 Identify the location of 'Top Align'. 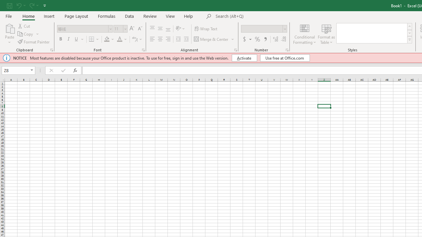
(152, 28).